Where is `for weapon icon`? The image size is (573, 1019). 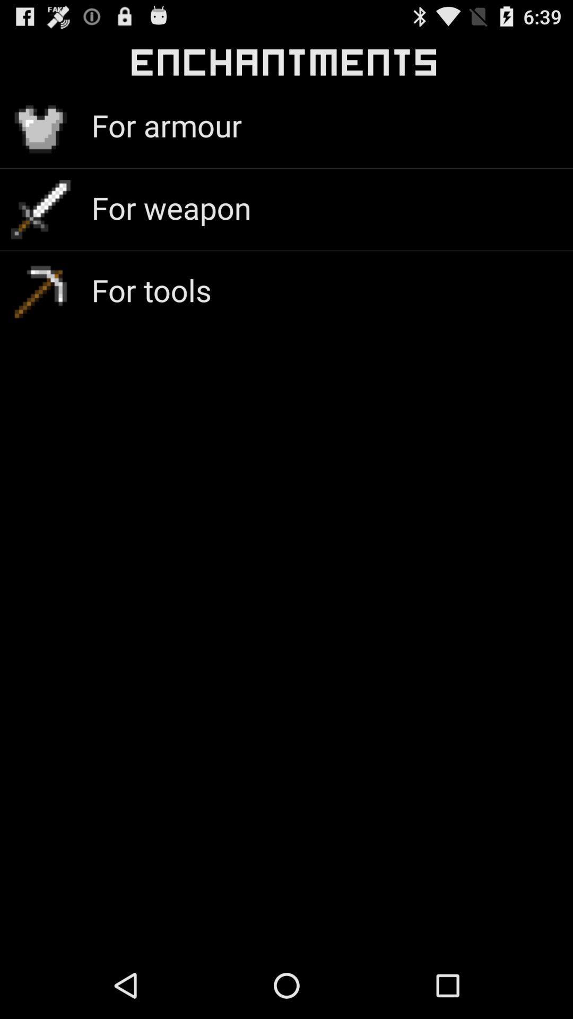
for weapon icon is located at coordinates (170, 208).